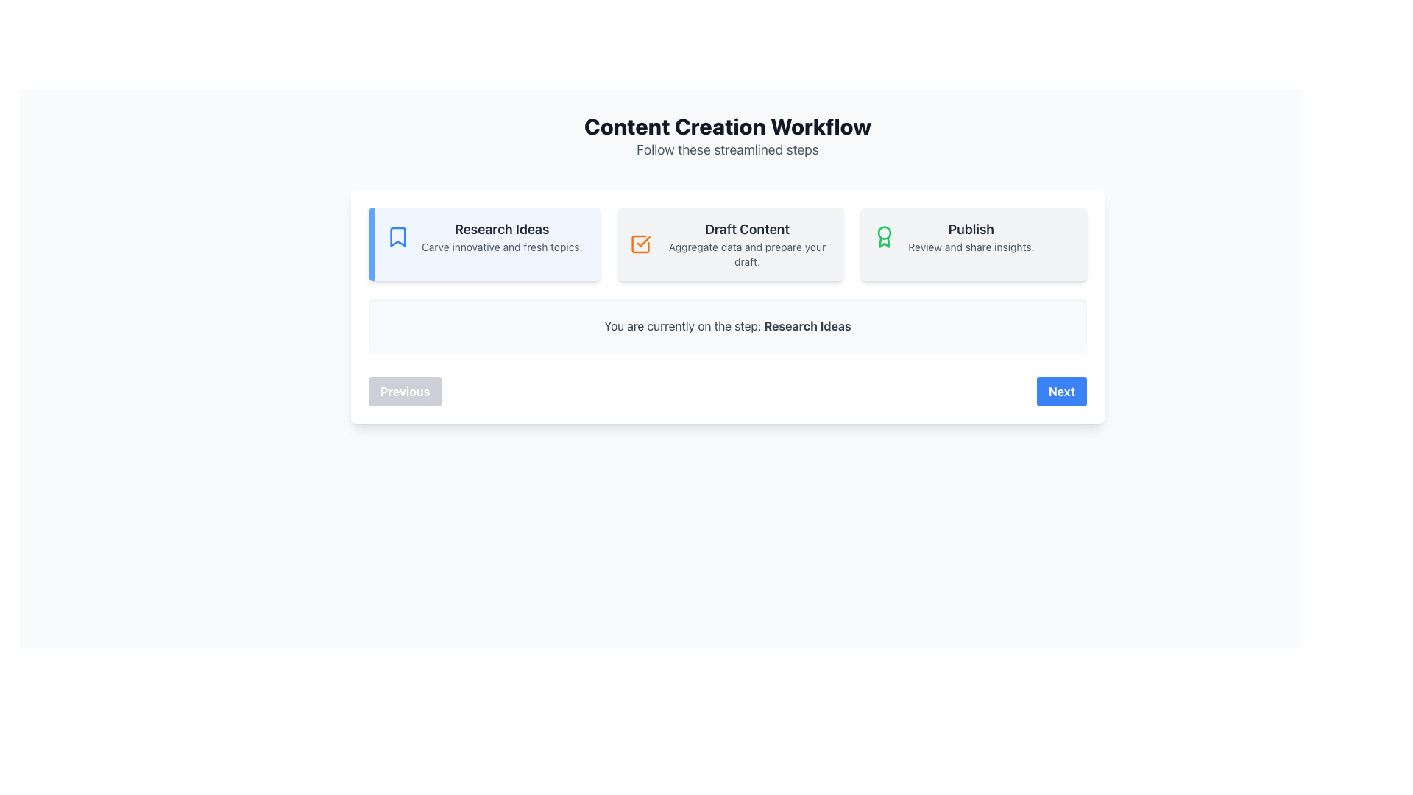  What do you see at coordinates (971, 246) in the screenshot?
I see `the informational text displaying 'Review and share insights.' which is located directly below the 'Publish' heading in a card section` at bounding box center [971, 246].